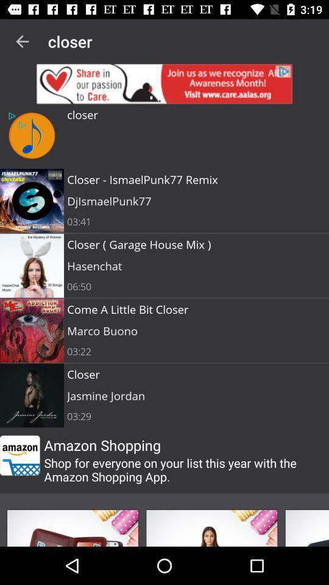 The image size is (329, 585). What do you see at coordinates (19, 455) in the screenshot?
I see `amazon advertiser link` at bounding box center [19, 455].